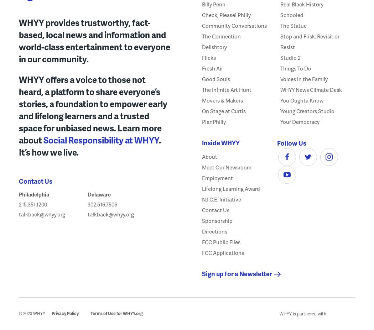  I want to click on 'Voices in the Family', so click(304, 78).